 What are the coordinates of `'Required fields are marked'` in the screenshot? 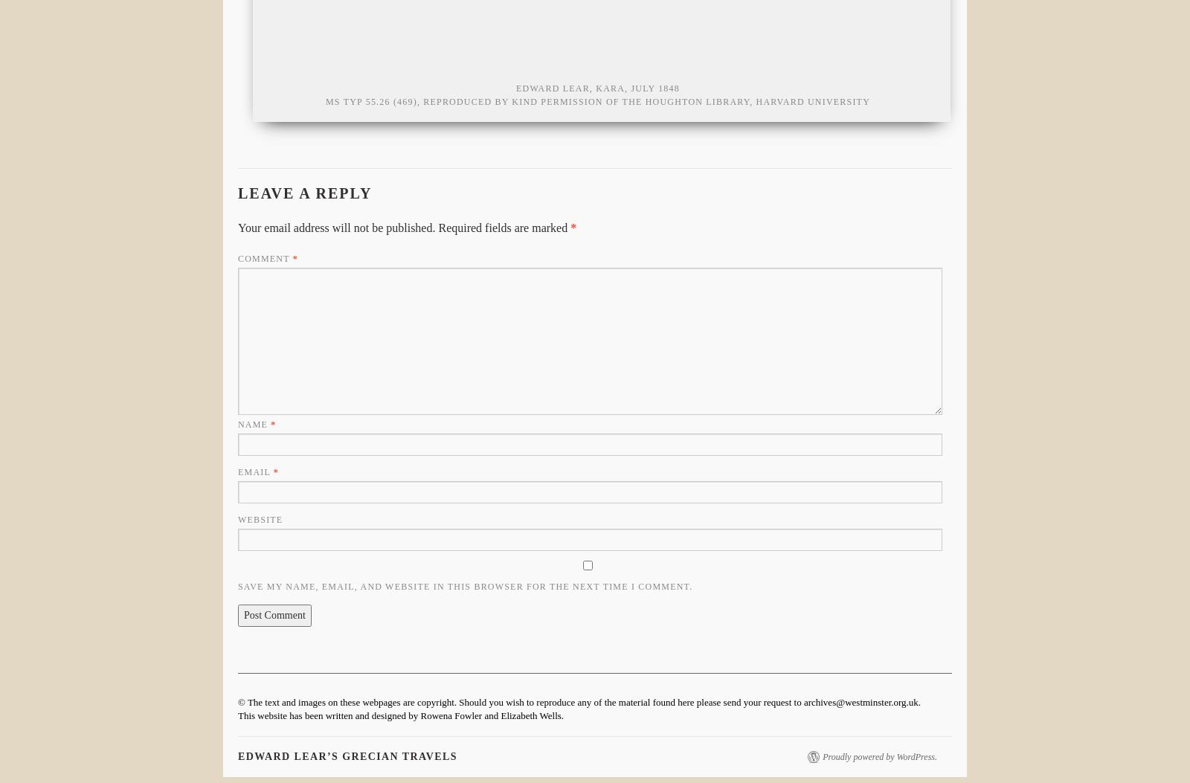 It's located at (504, 228).